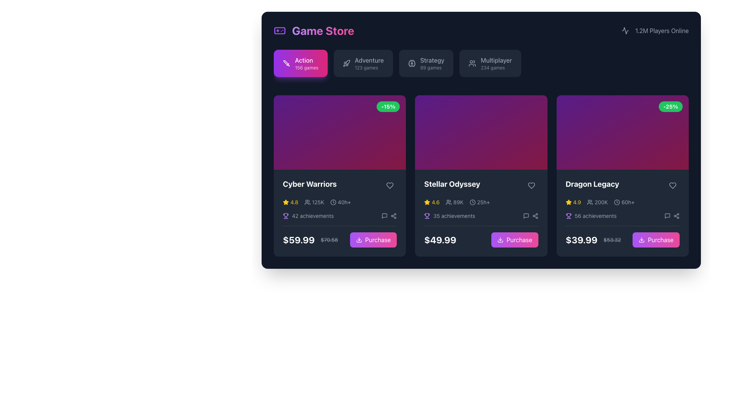  Describe the element at coordinates (432, 60) in the screenshot. I see `the 'Strategy' category text label, which is the title section of the third button in a horizontal list located near the top of the page, positioned between the 'Adventure' and 'Multiplayer' buttons` at that location.